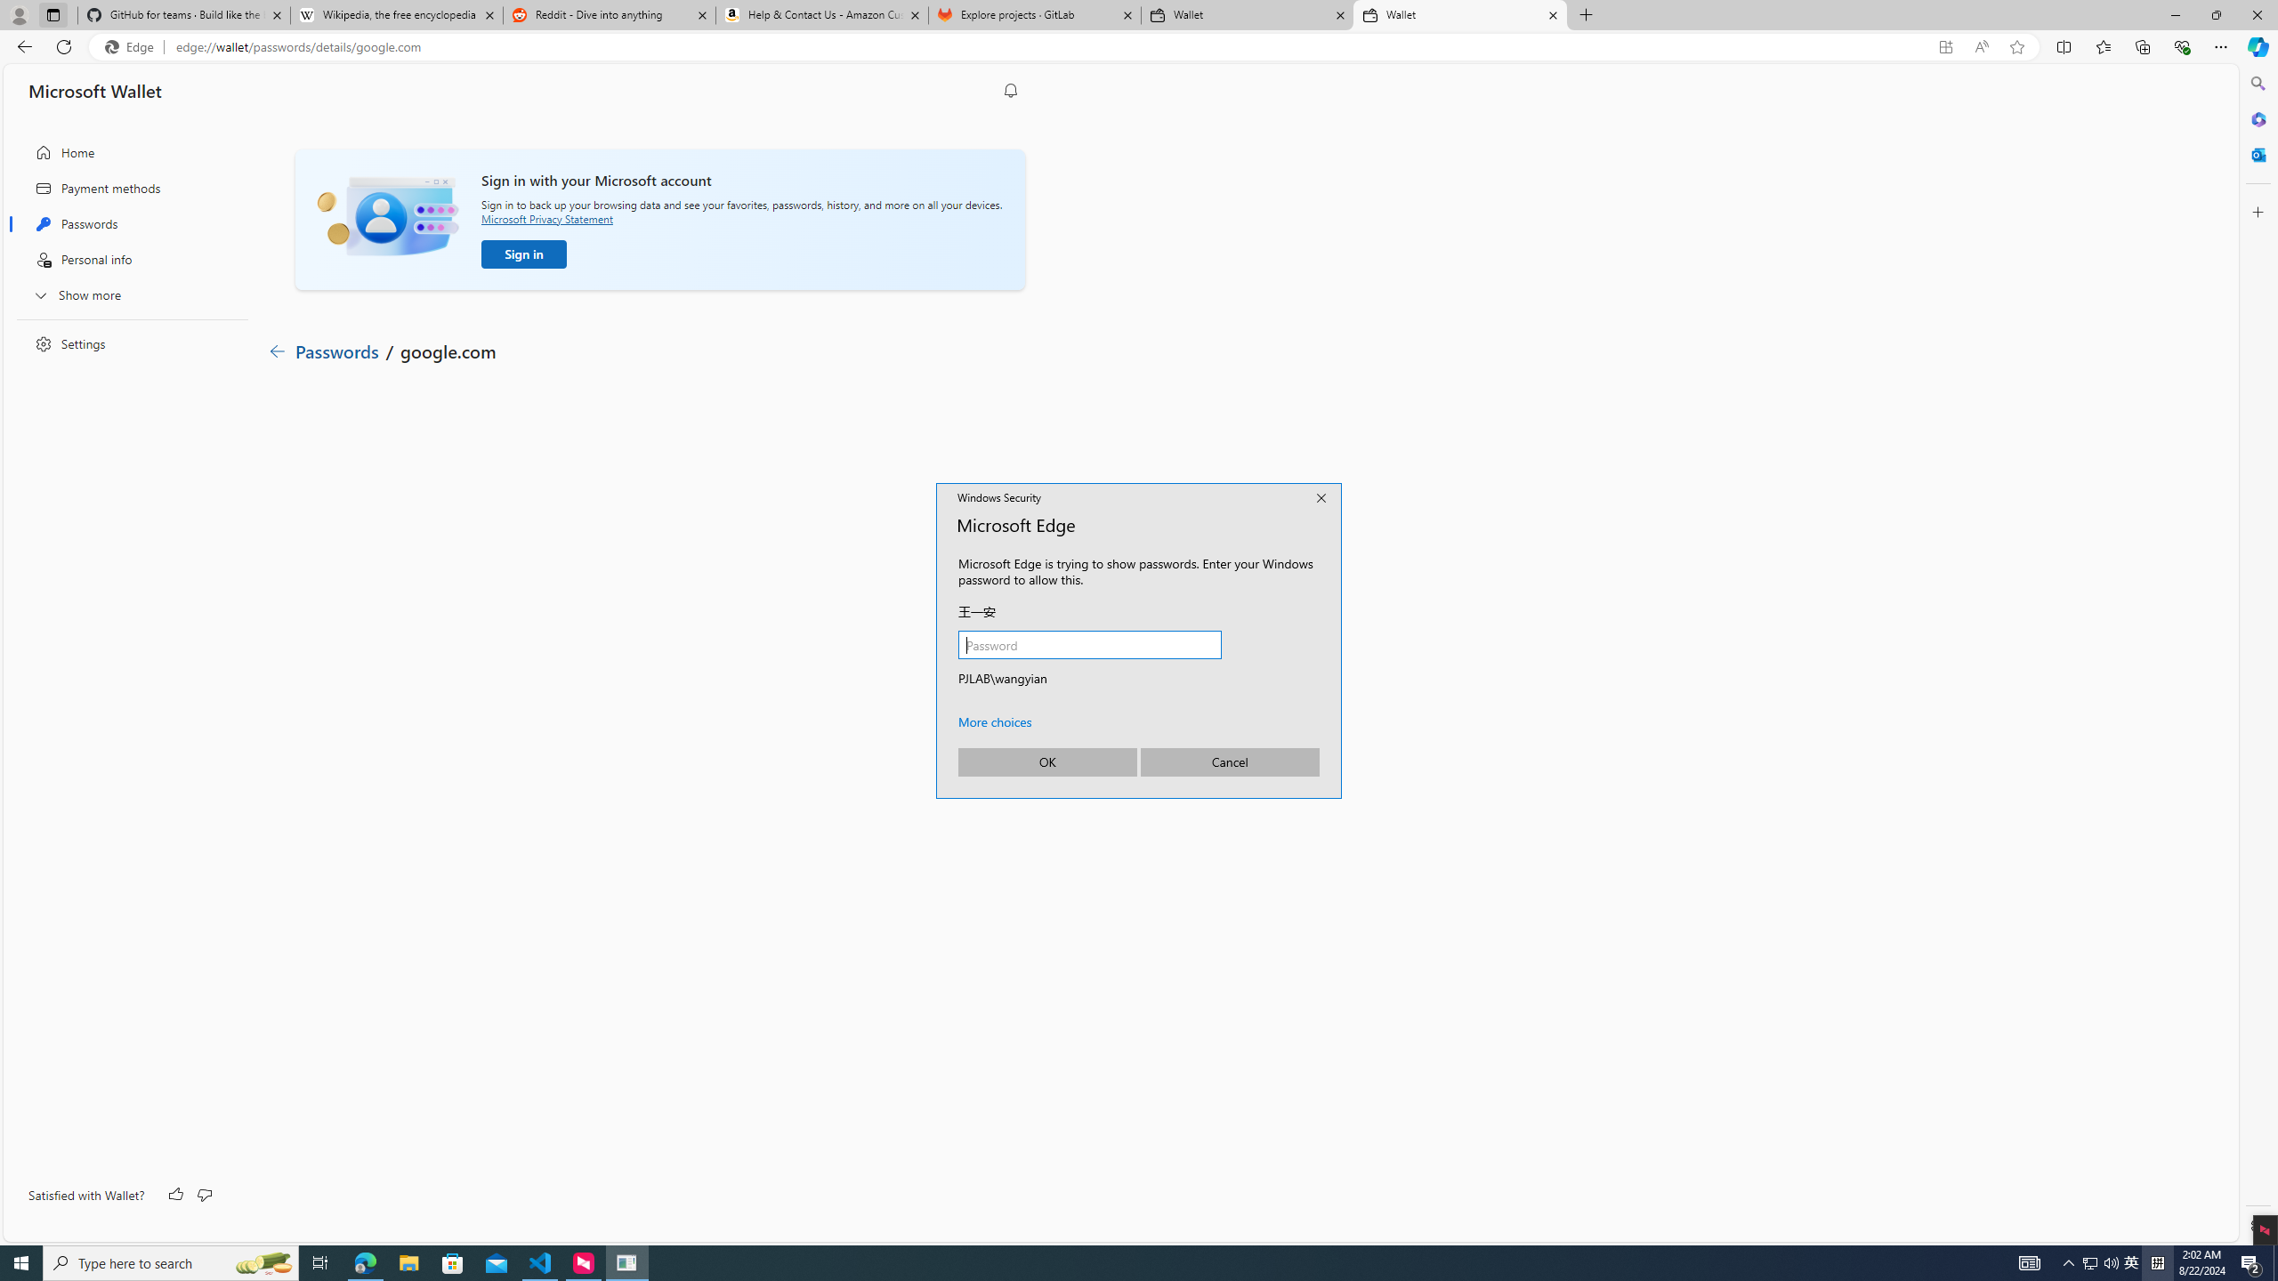  Describe the element at coordinates (126, 259) in the screenshot. I see `'Personal info'` at that location.